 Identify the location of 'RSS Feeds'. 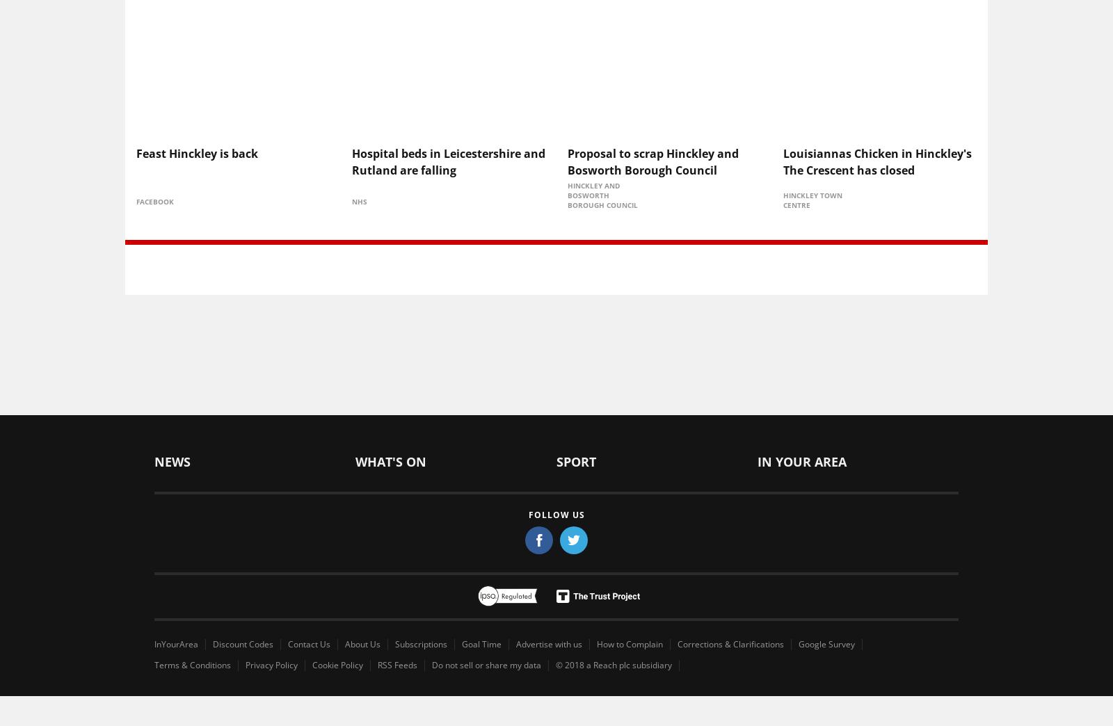
(397, 663).